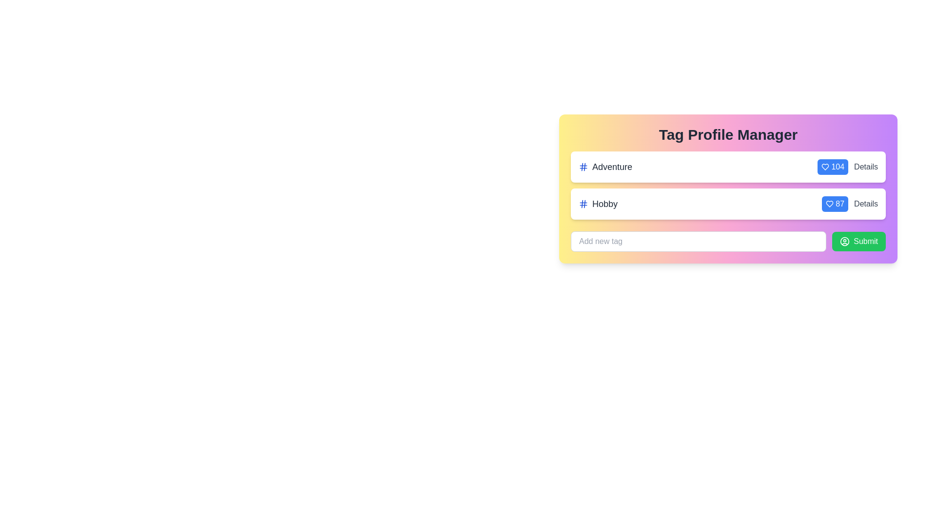  I want to click on the second vertical line of the hash icon adjacent to the 'Hobby' label, so click(582, 204).